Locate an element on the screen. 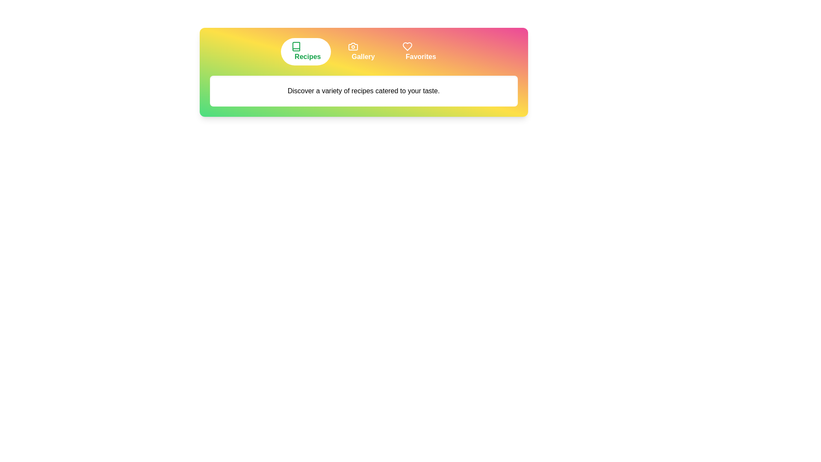 This screenshot has width=821, height=462. the Recipes tab icon is located at coordinates (306, 51).